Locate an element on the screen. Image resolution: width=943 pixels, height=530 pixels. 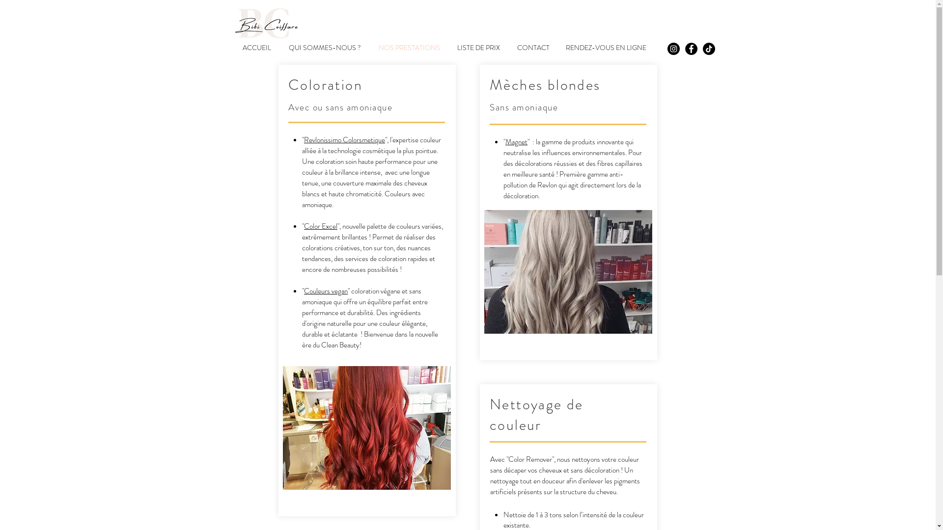
'Couleurs vegan' is located at coordinates (326, 291).